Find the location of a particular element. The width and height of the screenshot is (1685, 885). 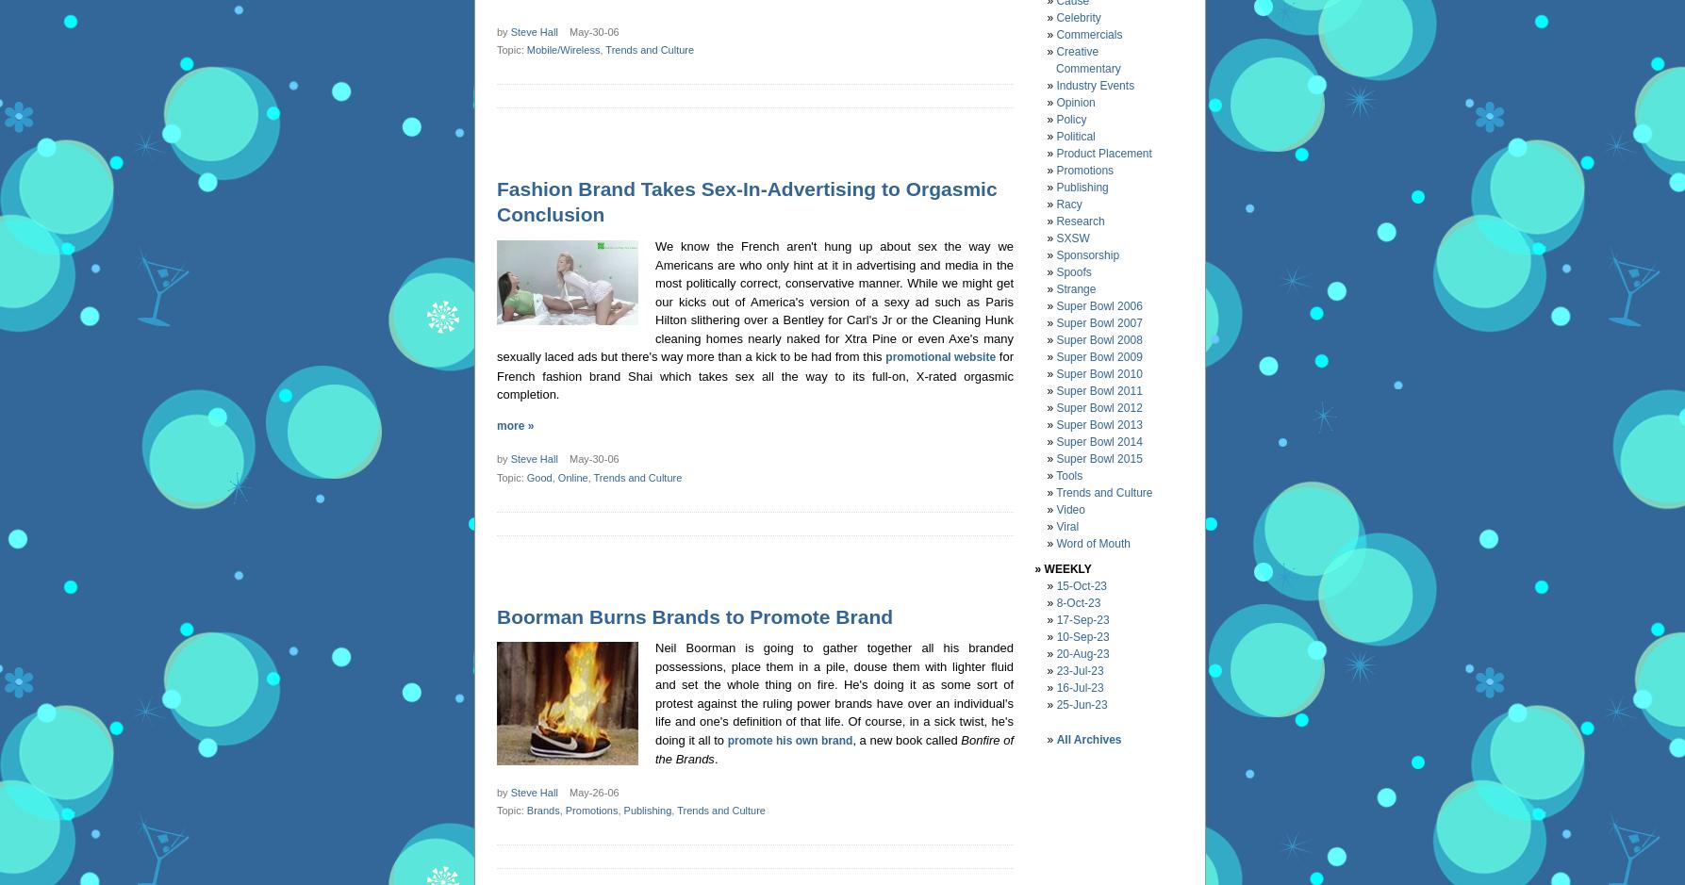

'Neil Boorman is going to gather together all his branded possessions, place them in a pile, douse them with lighter fluid and set the whole thing on fire. He's doing it as some sort of protest against the ruling power brands have over an individual's life and one's definition of that life. Of course, in a sick twist, he's doing it all to' is located at coordinates (834, 693).